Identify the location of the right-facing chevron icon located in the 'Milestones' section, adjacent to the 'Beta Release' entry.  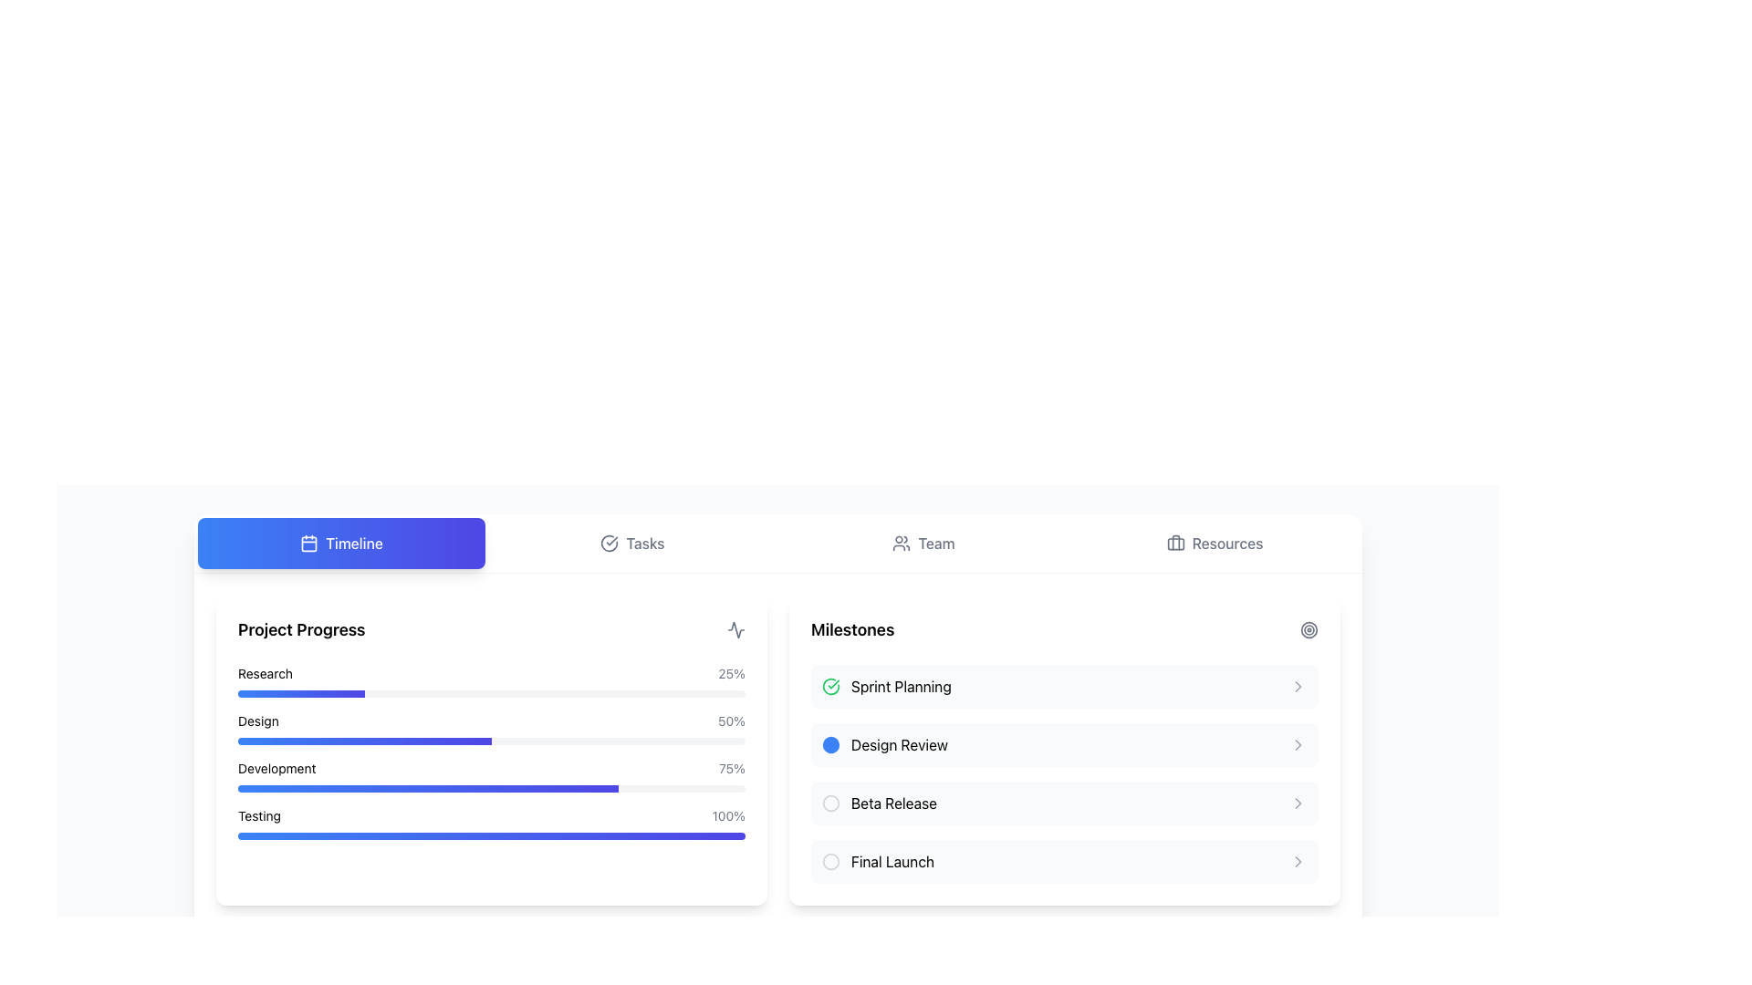
(1297, 802).